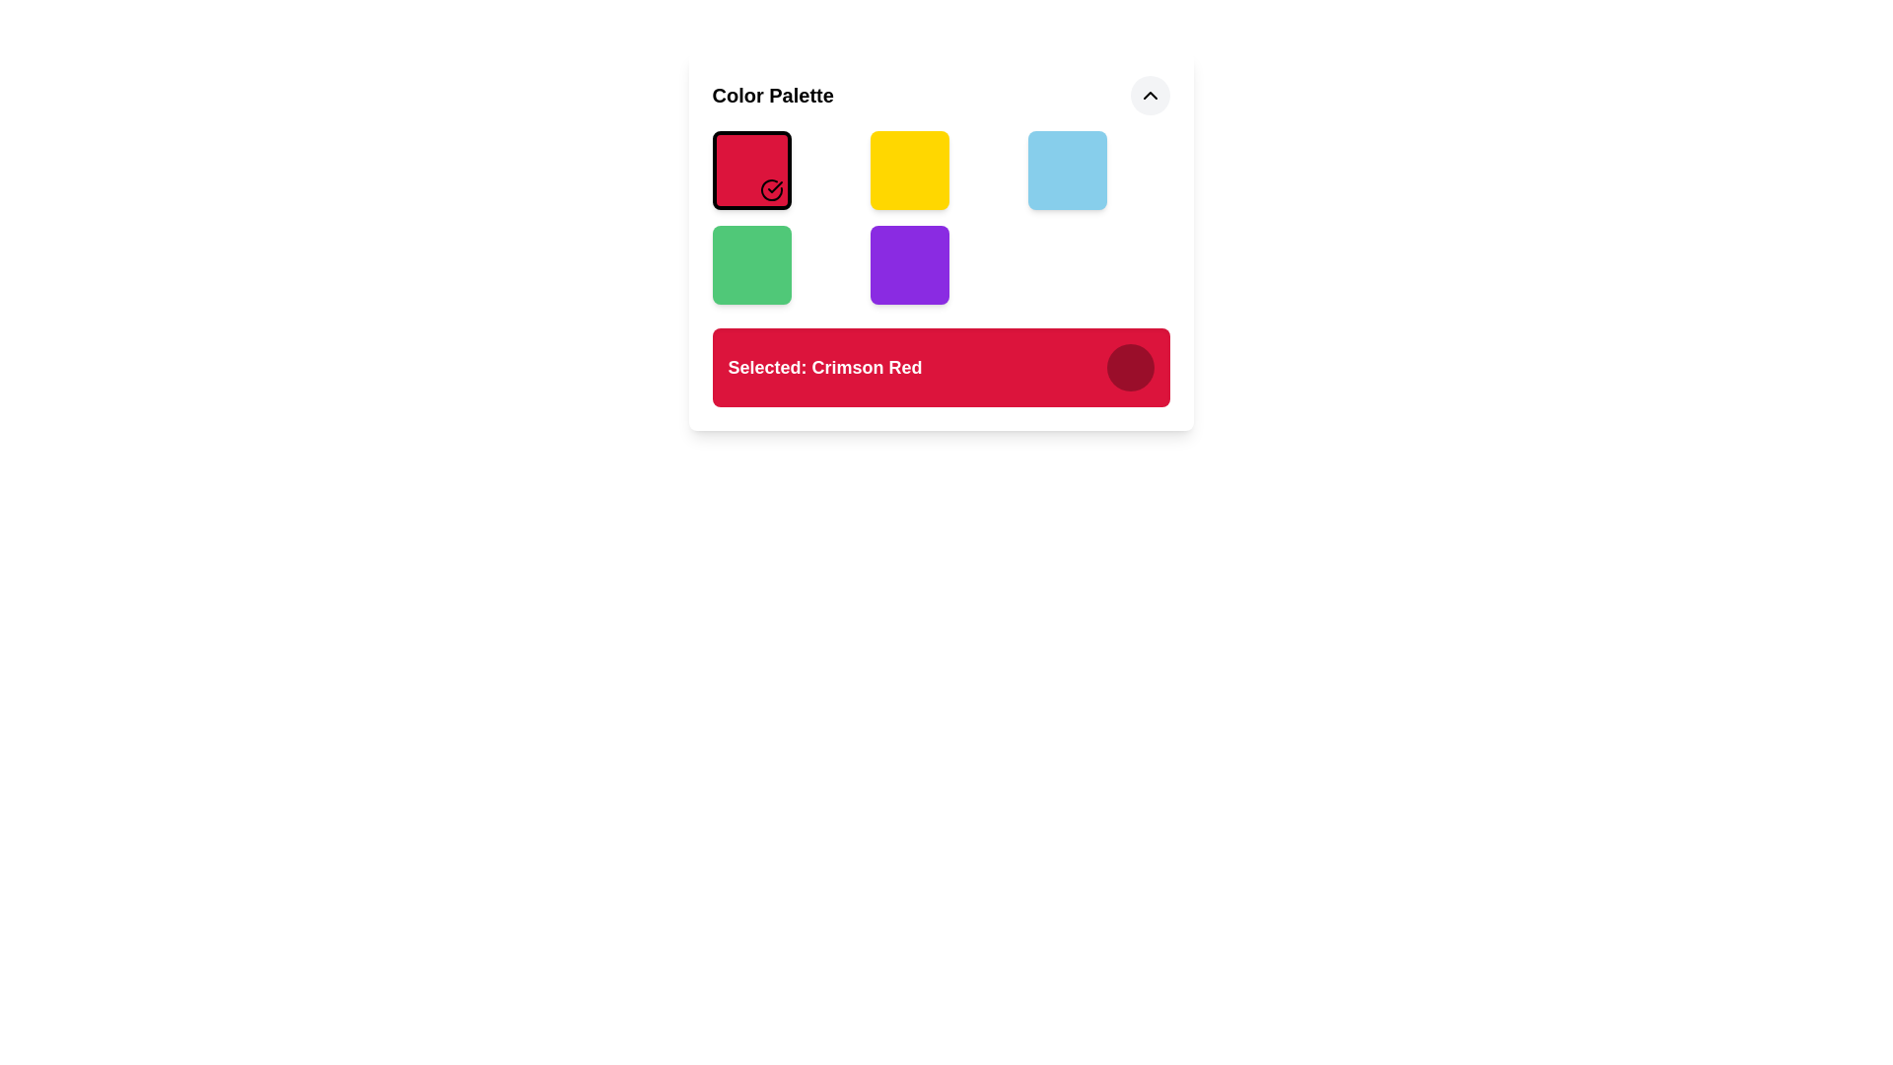 The width and height of the screenshot is (1893, 1065). I want to click on the clickable color selection option representing cyan, located in the top row as the third item in a 3x2 grid within the color palette interface, to enhance its size effect, so click(1066, 170).